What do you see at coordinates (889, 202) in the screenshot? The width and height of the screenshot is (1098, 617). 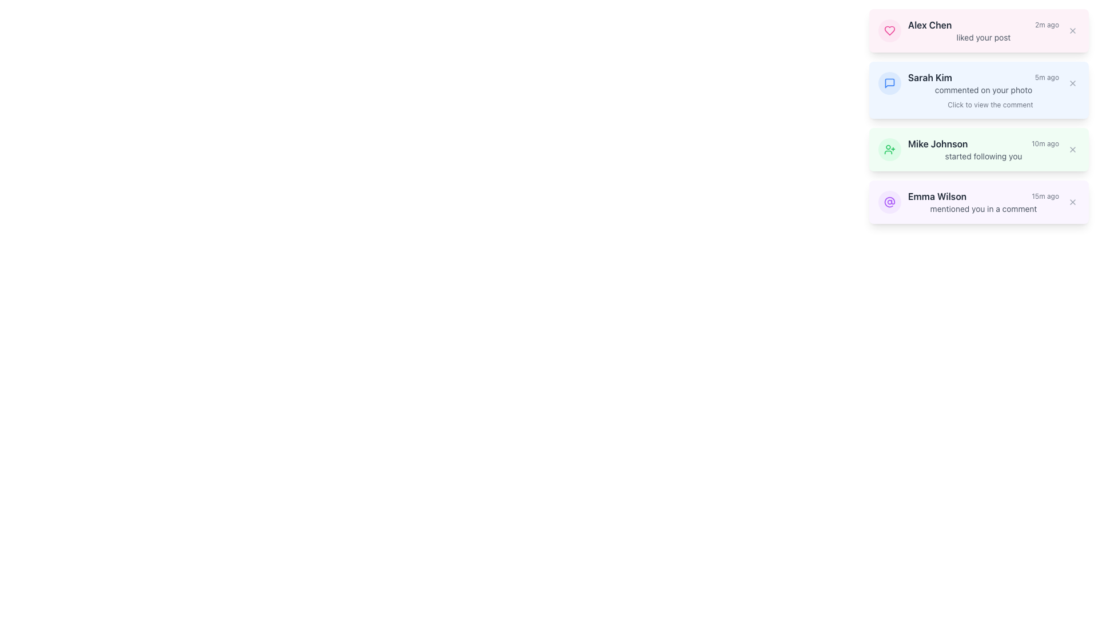 I see `the purple circular icon with an embossed '@' symbol located in the fourth notification card from the top in the notification panel, aligned with the text 'Emma Wilson mentioned you in a comment'` at bounding box center [889, 202].